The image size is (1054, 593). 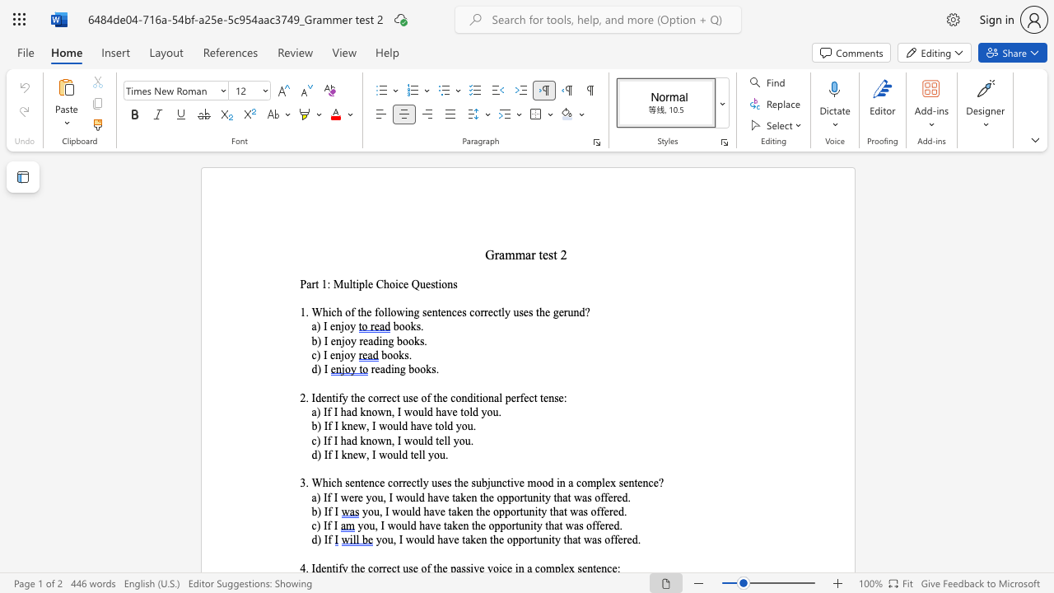 I want to click on the subset text ": Mul" within the text "Part 1: Multiple Choice Questions", so click(x=327, y=283).